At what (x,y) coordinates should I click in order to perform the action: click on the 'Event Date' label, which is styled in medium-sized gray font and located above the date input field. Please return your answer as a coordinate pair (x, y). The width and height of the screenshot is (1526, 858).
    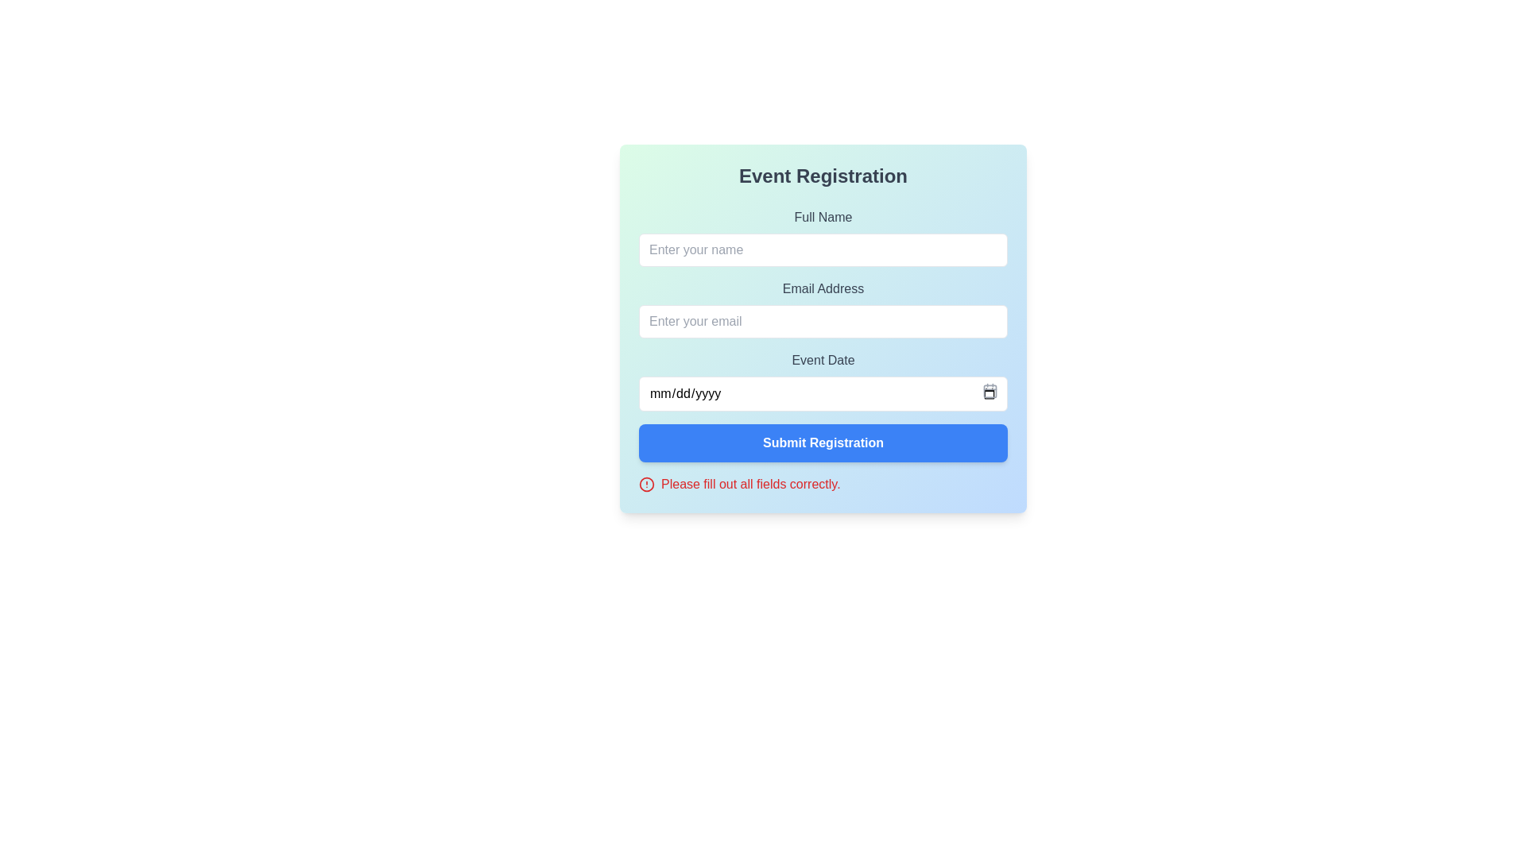
    Looking at the image, I should click on (823, 361).